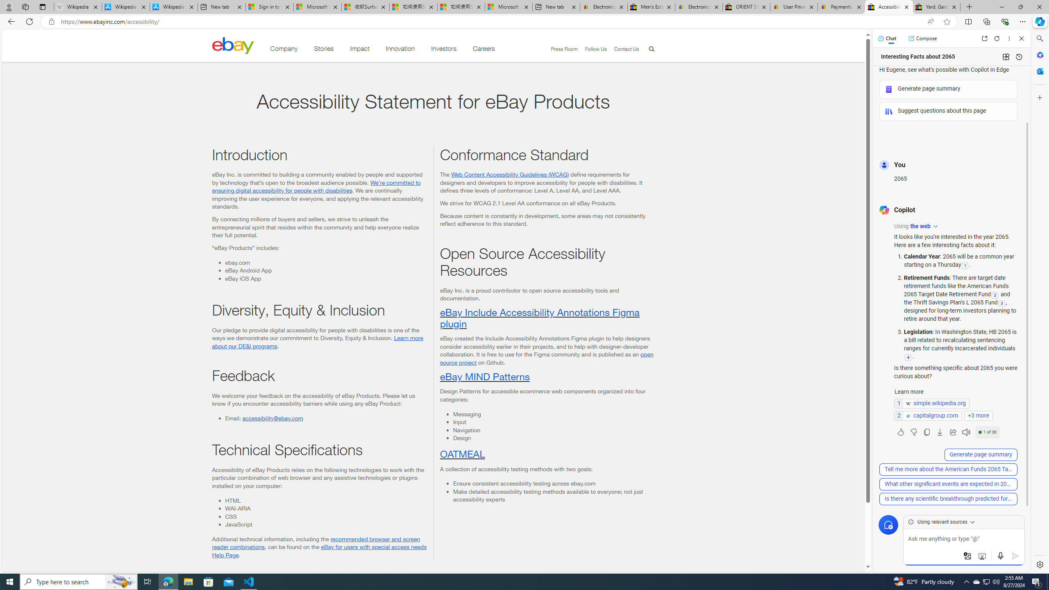 This screenshot has width=1049, height=590. Describe the element at coordinates (508, 7) in the screenshot. I see `'Microsoft account | Account Checkup'` at that location.